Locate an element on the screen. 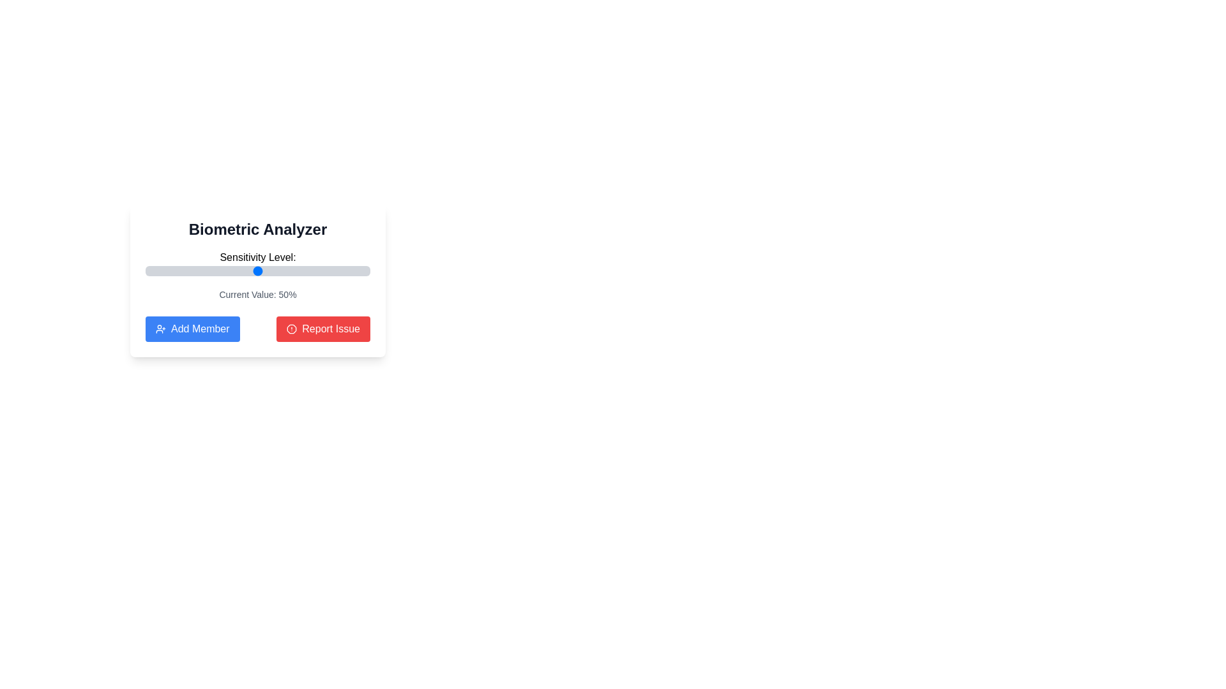  the octagonal alert icon within the 'Report Issue' button is located at coordinates (291, 329).